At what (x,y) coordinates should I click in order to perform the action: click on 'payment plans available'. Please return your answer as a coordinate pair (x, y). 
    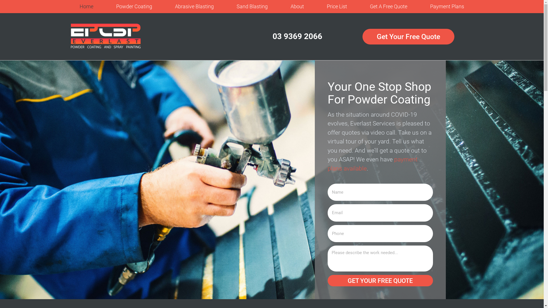
    Looking at the image, I should click on (372, 164).